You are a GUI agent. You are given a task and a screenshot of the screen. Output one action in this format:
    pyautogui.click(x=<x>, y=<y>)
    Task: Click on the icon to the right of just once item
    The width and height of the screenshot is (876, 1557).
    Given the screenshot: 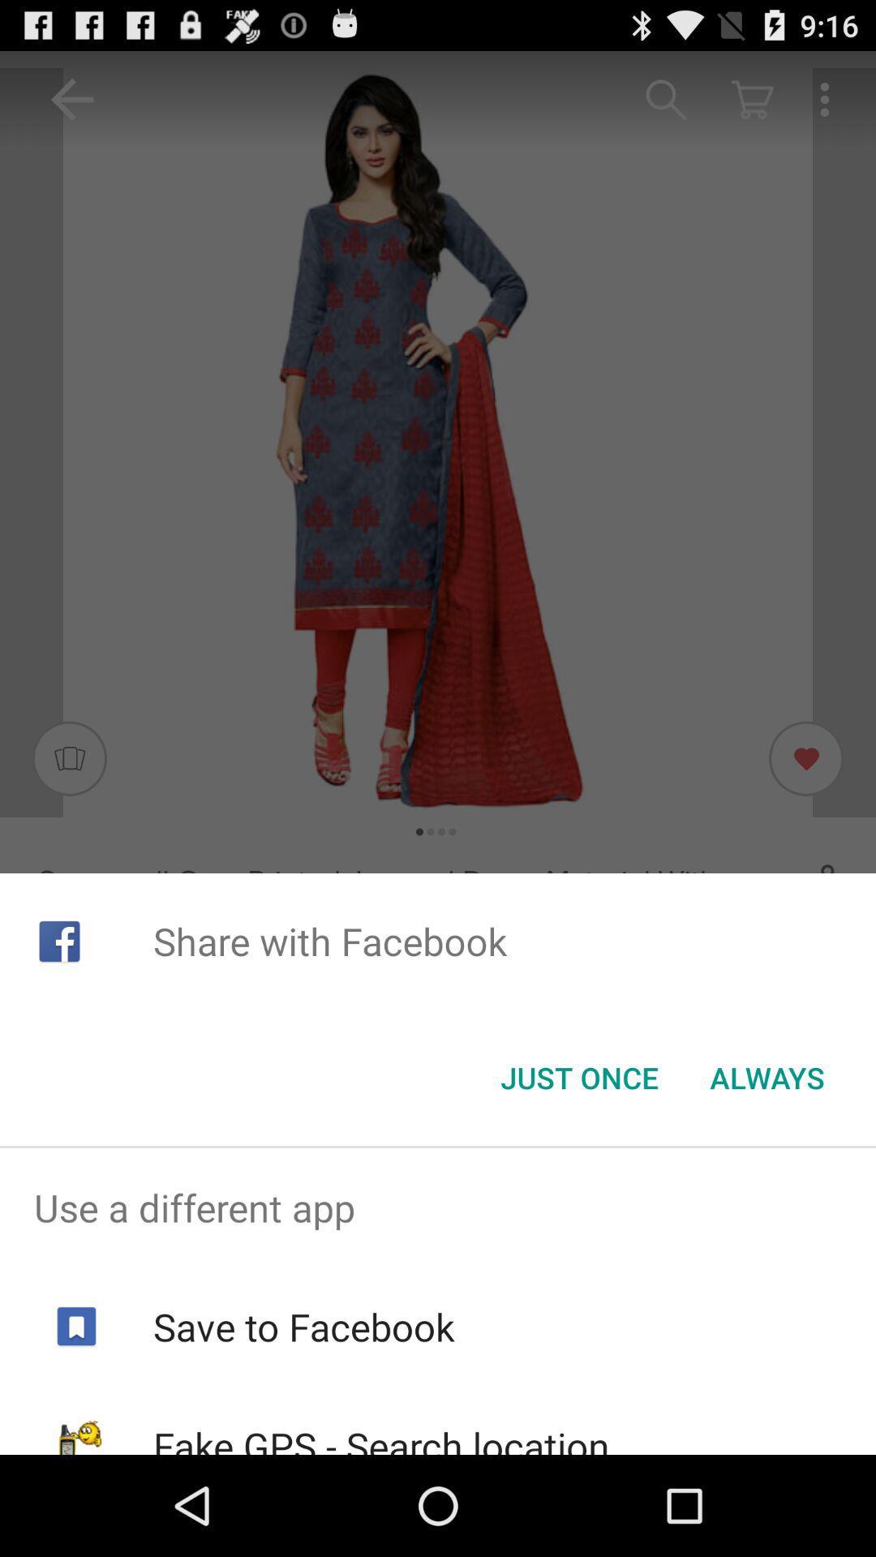 What is the action you would take?
    pyautogui.click(x=766, y=1078)
    